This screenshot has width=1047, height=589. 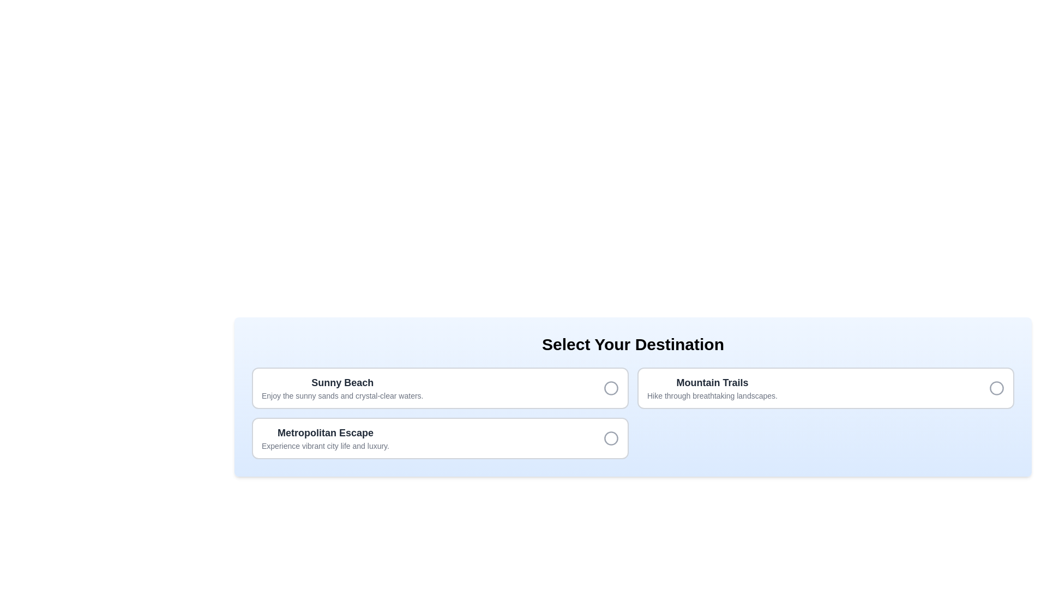 What do you see at coordinates (440, 437) in the screenshot?
I see `the 'Metropolitan Escape' select option to trigger visual feedback` at bounding box center [440, 437].